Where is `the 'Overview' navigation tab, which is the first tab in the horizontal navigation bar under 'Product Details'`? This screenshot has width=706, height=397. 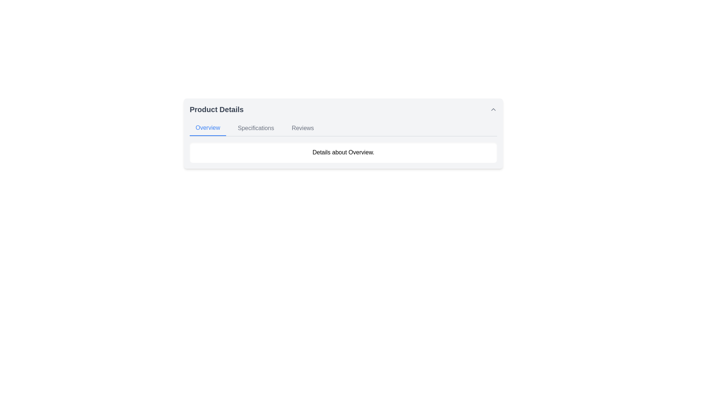
the 'Overview' navigation tab, which is the first tab in the horizontal navigation bar under 'Product Details' is located at coordinates (207, 128).